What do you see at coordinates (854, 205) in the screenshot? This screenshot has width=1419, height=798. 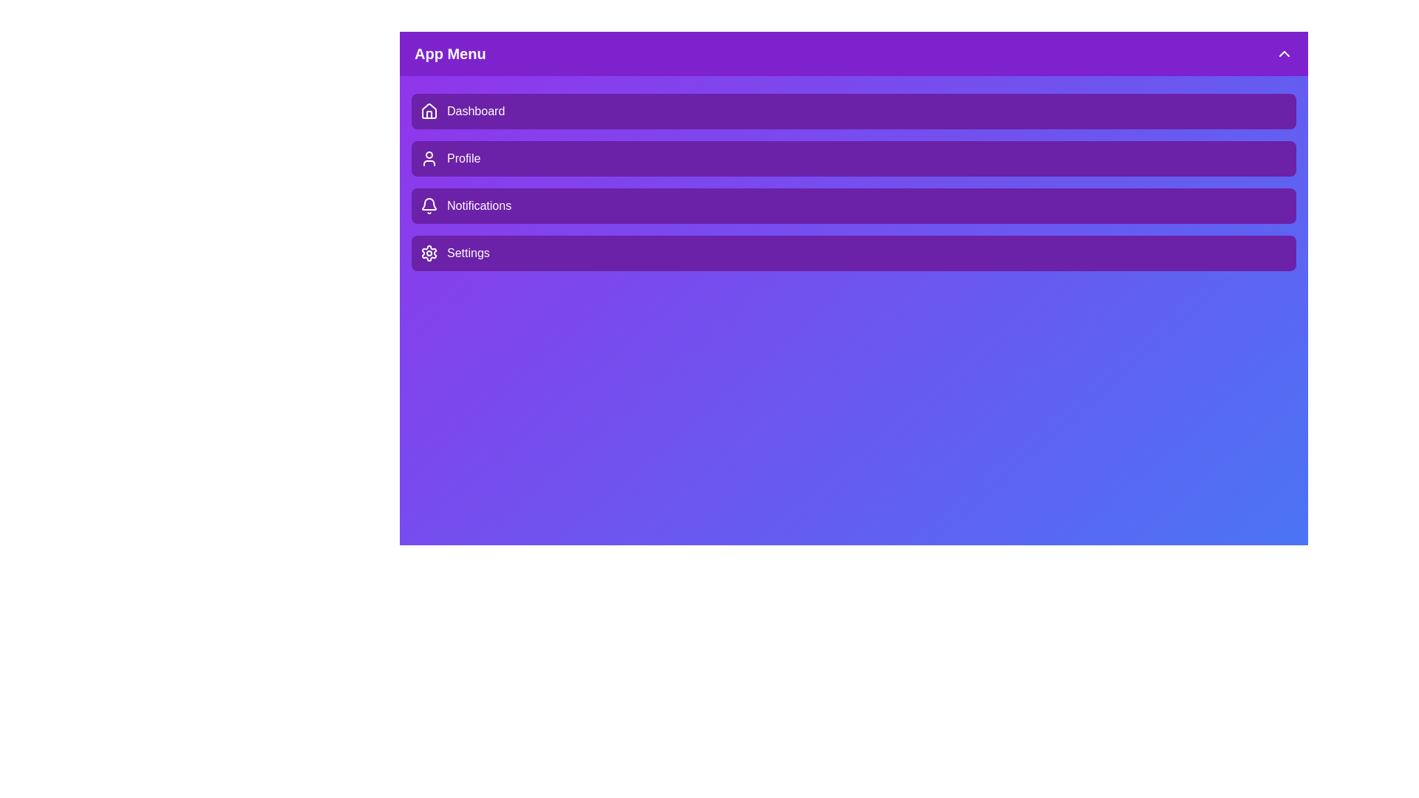 I see `the menu item Notifications by clicking on it` at bounding box center [854, 205].